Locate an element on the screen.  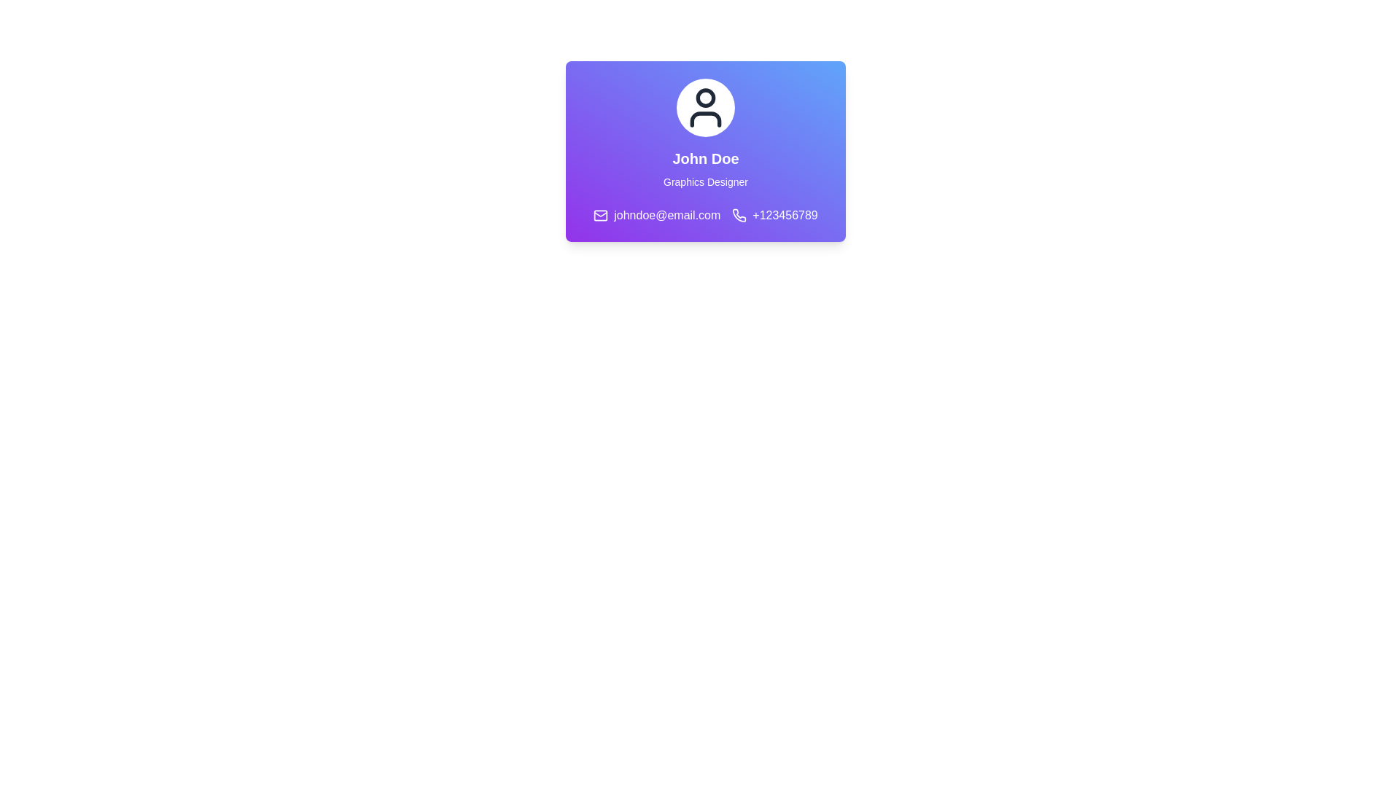
the text label displaying the user's email address, which is located to the left of the phone number '+123456789' in the middle section of the card UI is located at coordinates (656, 216).